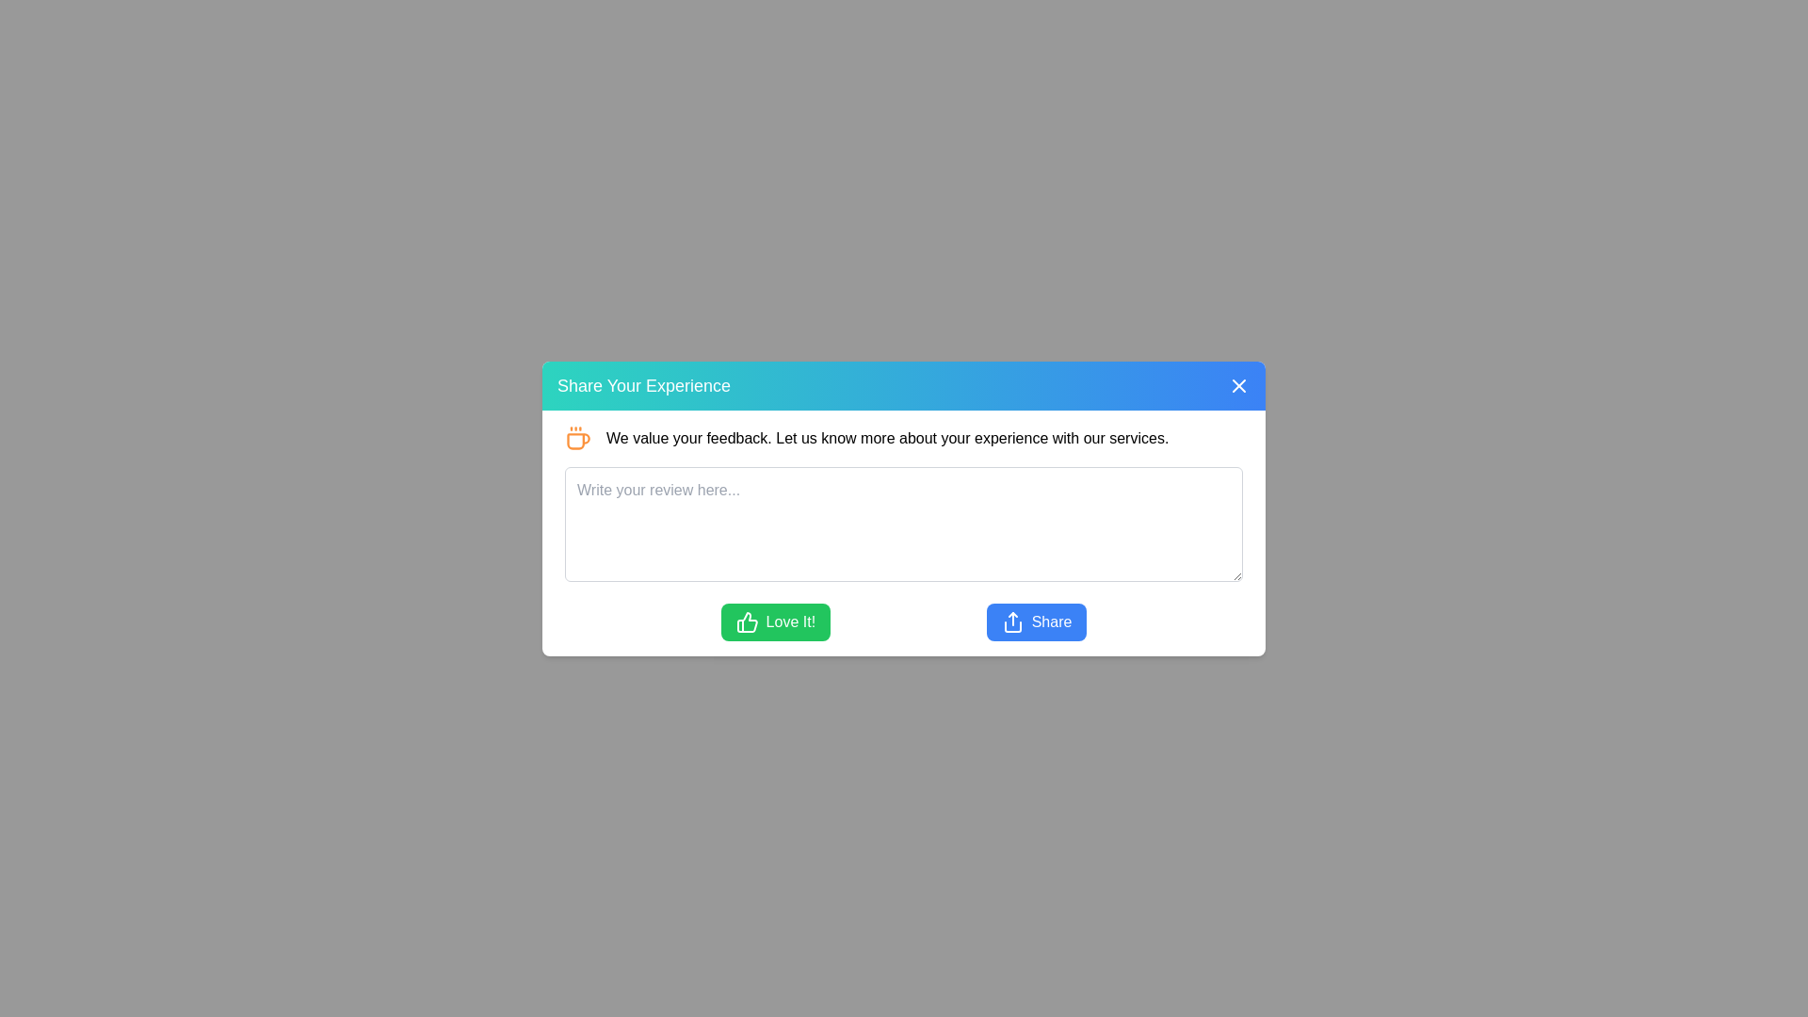 This screenshot has width=1808, height=1017. What do you see at coordinates (904, 438) in the screenshot?
I see `the Descriptive Text with Icon that features an orange cup icon and the text 'We value your feedback. Let us know more about your experience with our services.'` at bounding box center [904, 438].